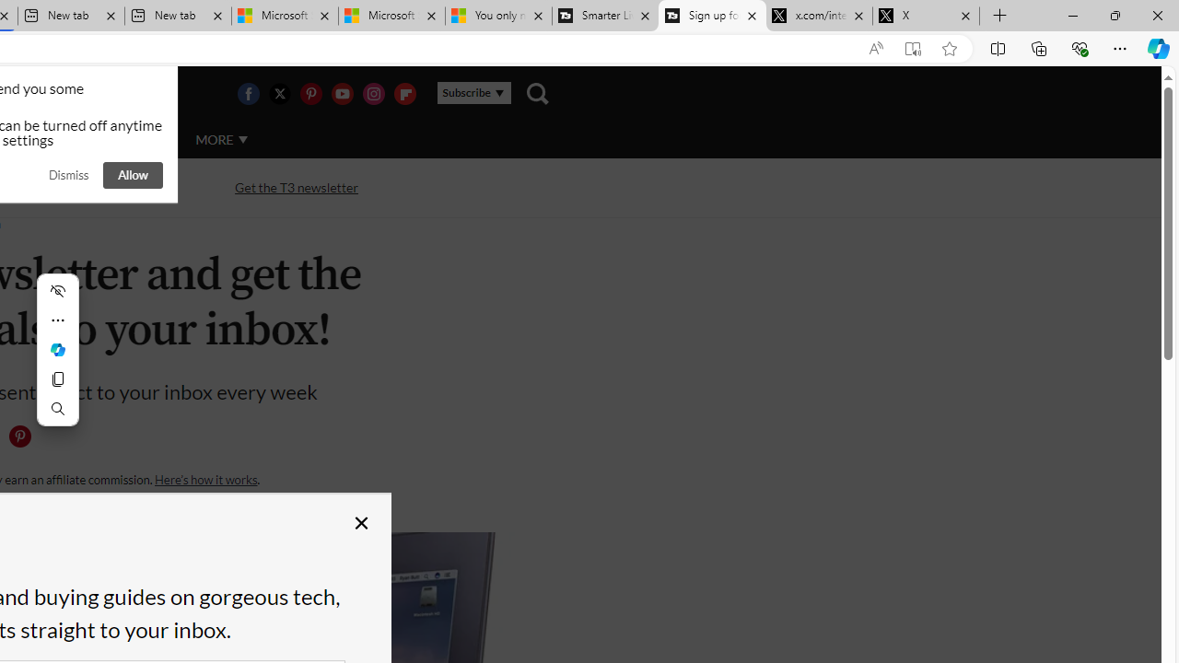 Image resolution: width=1179 pixels, height=663 pixels. I want to click on 'Class: icon-svg', so click(19, 436).